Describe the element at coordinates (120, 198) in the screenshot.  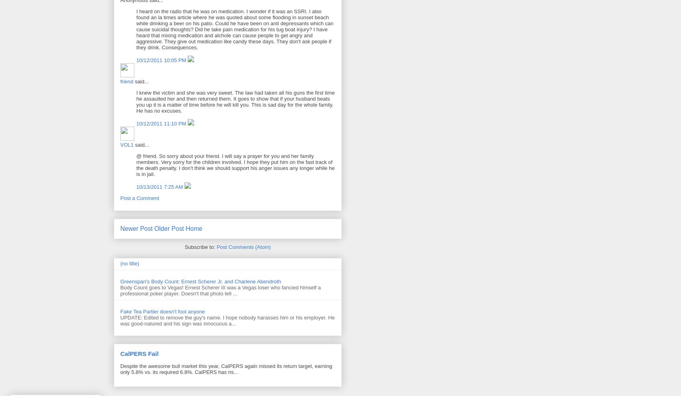
I see `'Post a Comment'` at that location.